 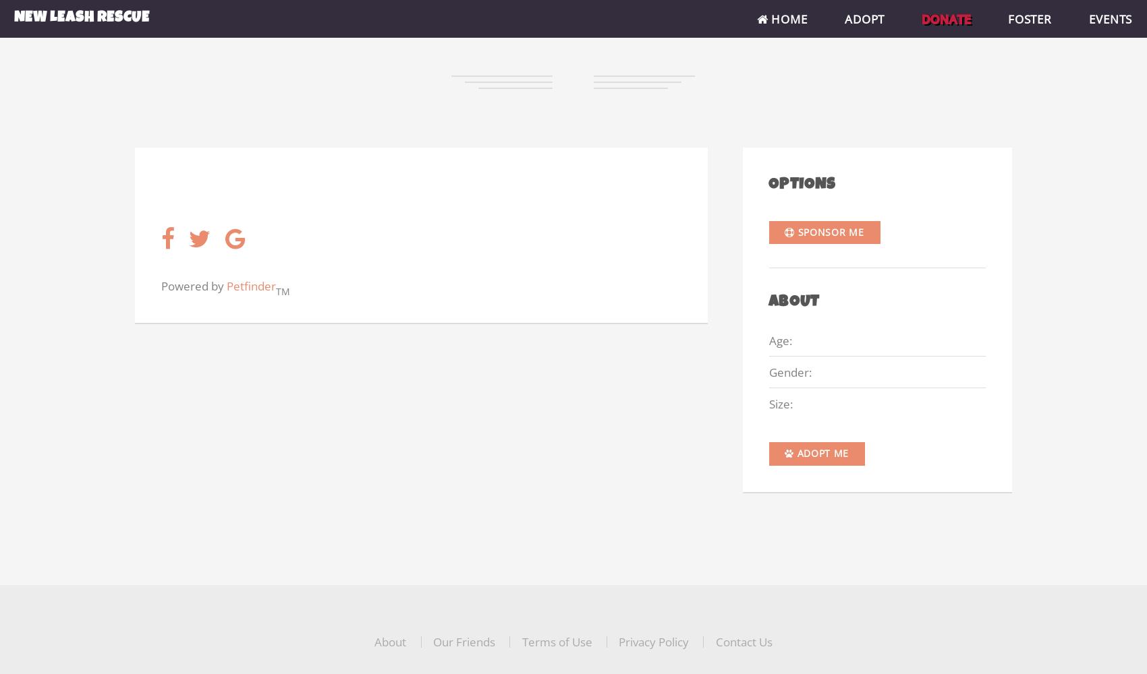 I want to click on 'Gender:', so click(x=789, y=371).